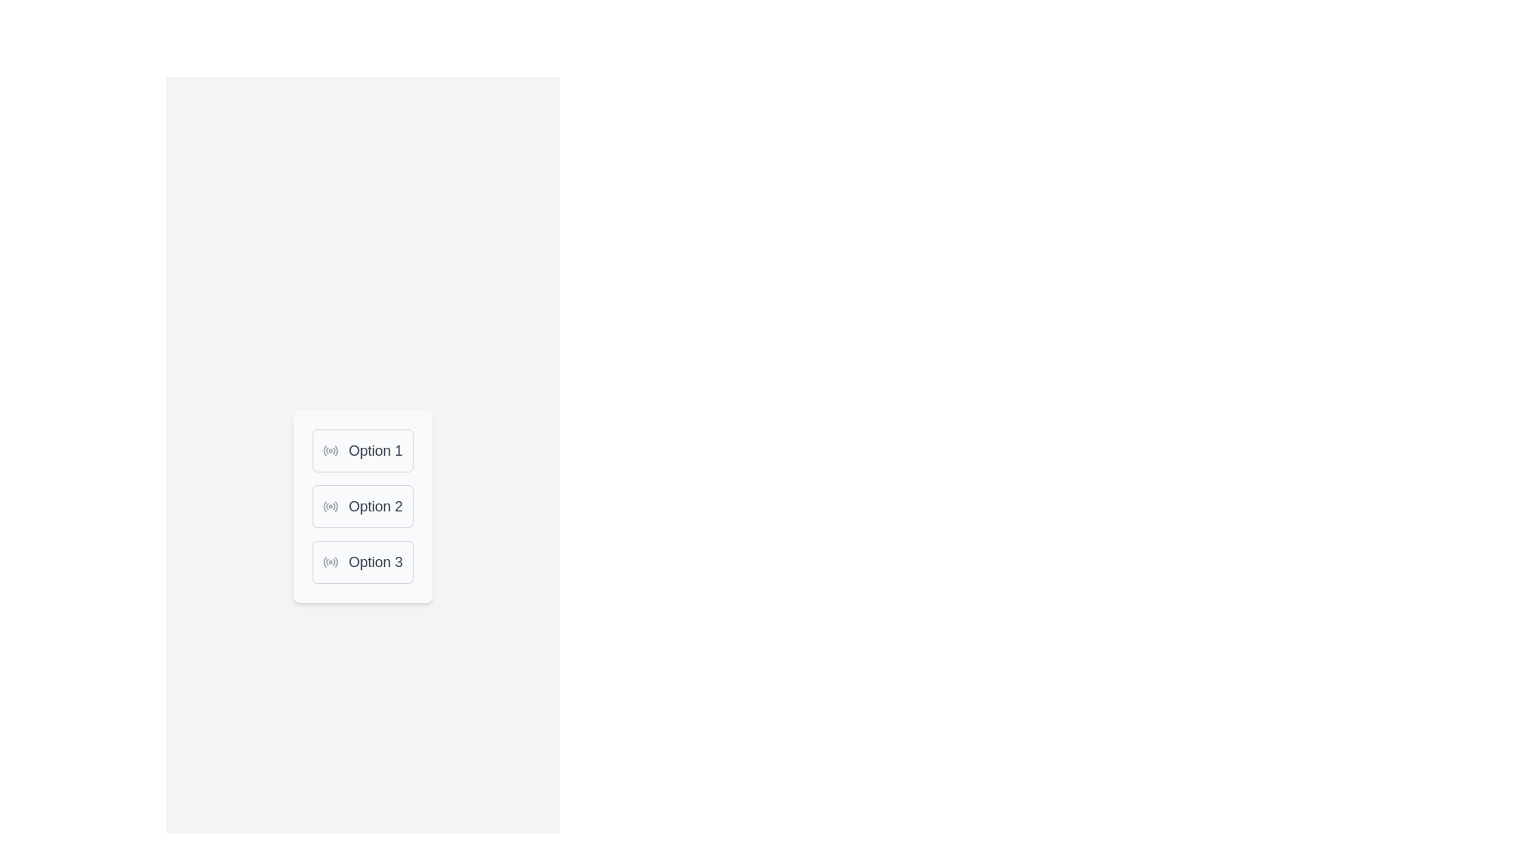  I want to click on the circular radio button styled with outlined concentric circles, so click(330, 451).